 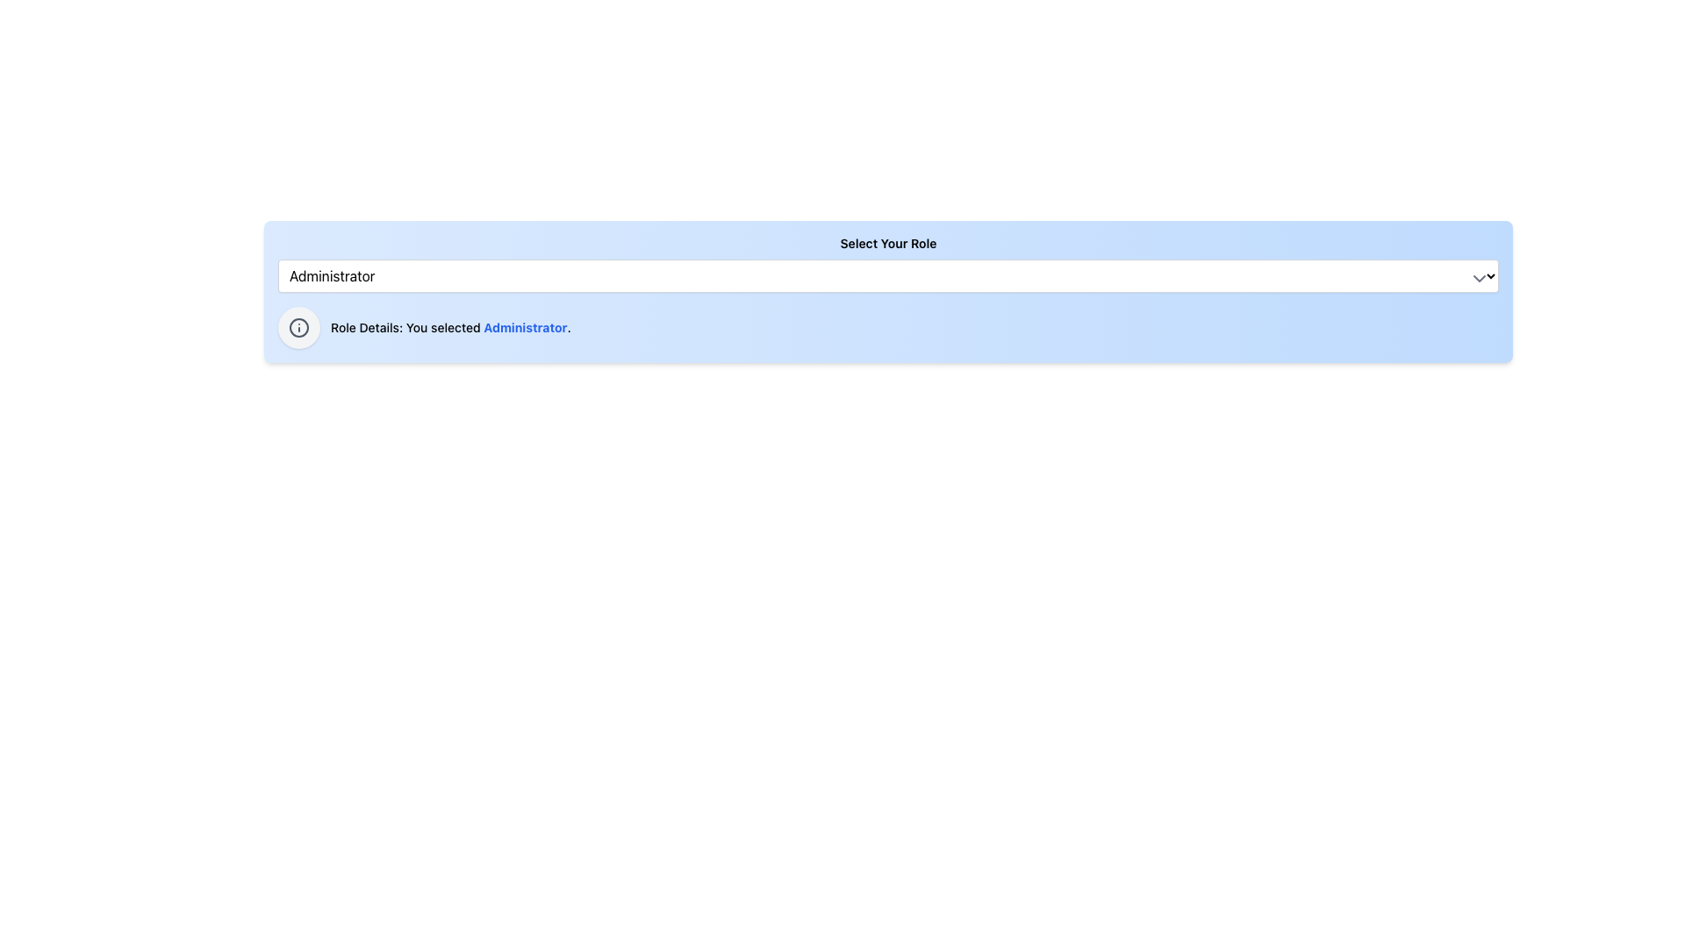 What do you see at coordinates (450, 328) in the screenshot?
I see `the Text Label that provides feedback for the selected role 'Administrator', located near the bottom of the interface, right of the information icon and below the role dropdown menu` at bounding box center [450, 328].